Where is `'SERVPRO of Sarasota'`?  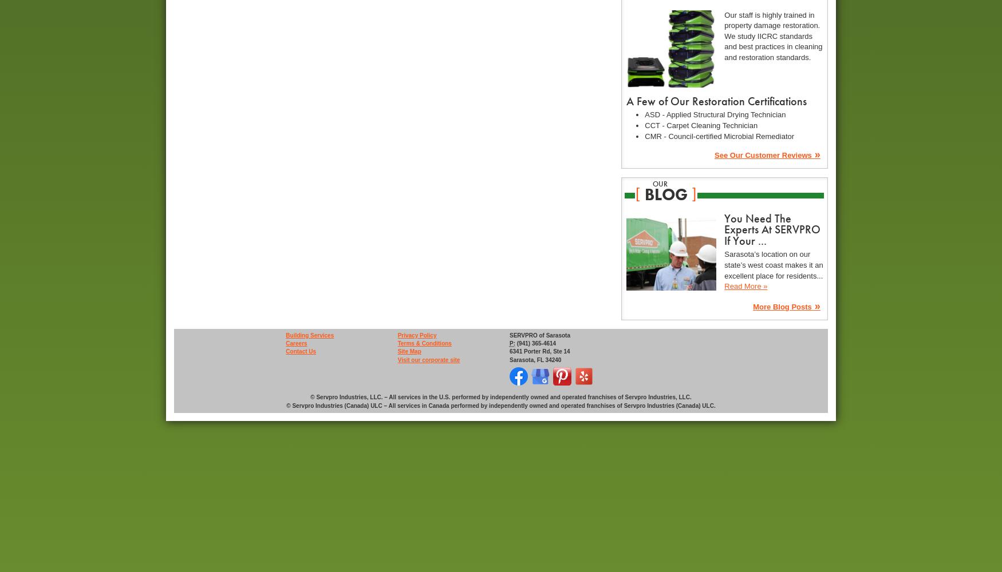 'SERVPRO of Sarasota' is located at coordinates (539, 334).